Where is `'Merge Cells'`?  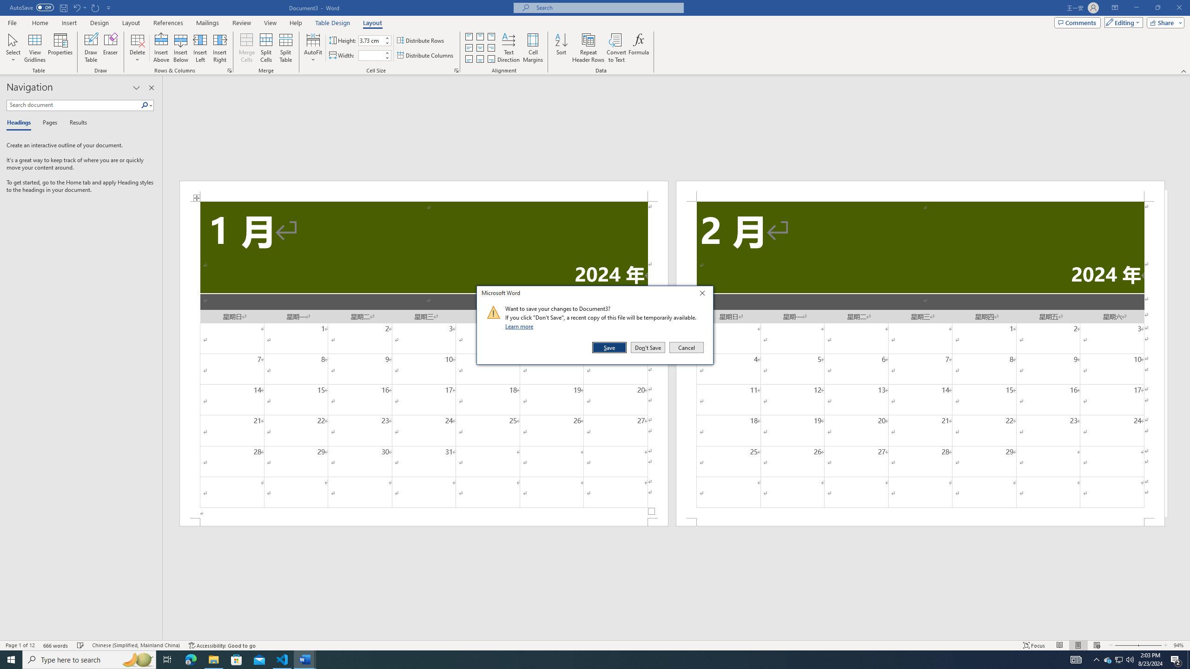
'Merge Cells' is located at coordinates (246, 48).